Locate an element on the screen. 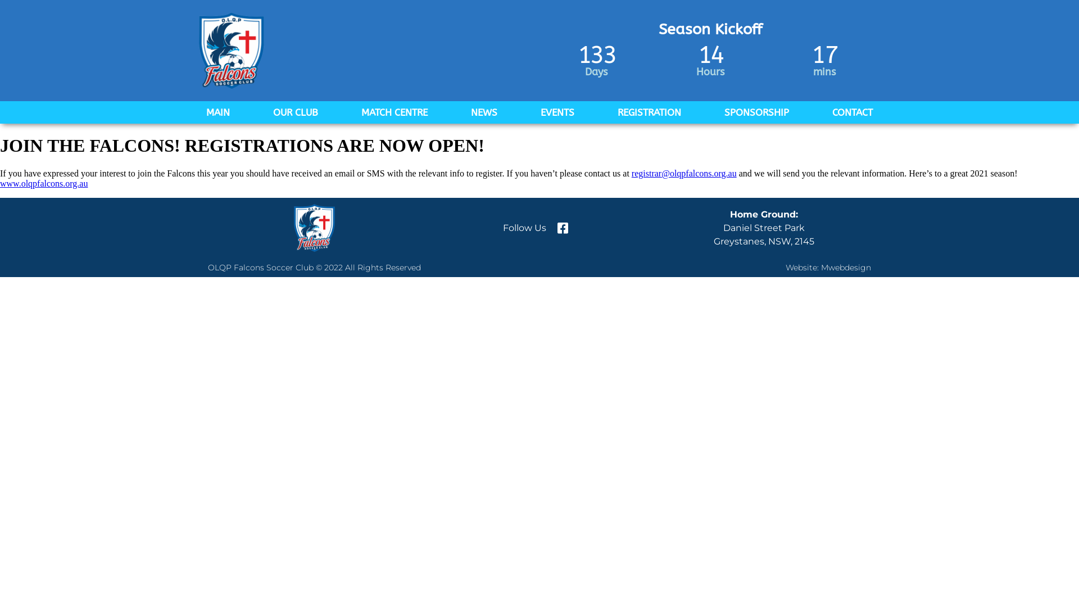 This screenshot has width=1079, height=607. 'REGISTRATION' is located at coordinates (649, 112).